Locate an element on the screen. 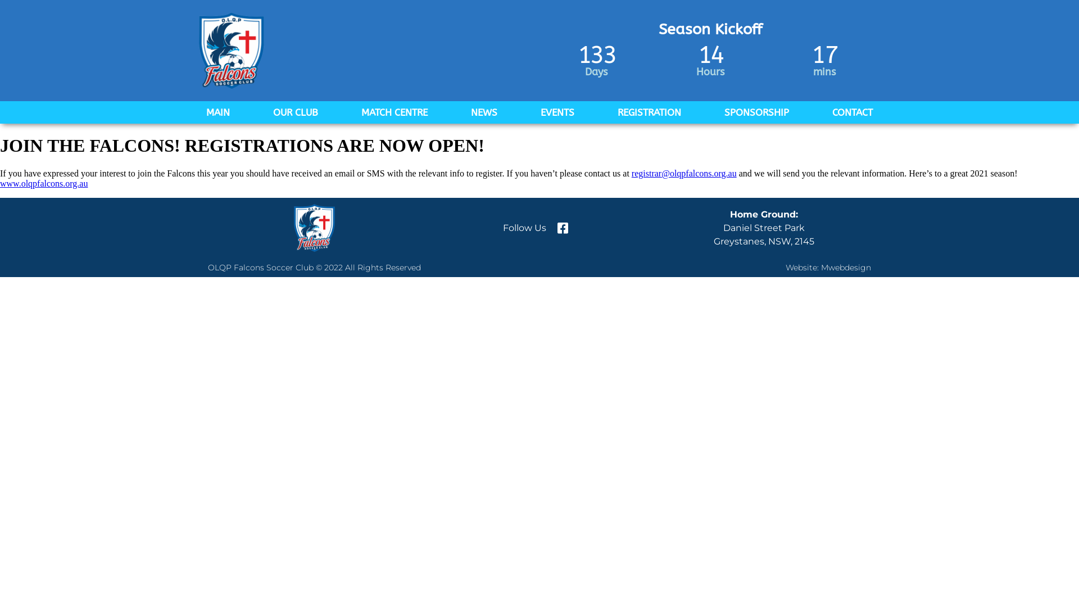 This screenshot has width=1079, height=607. 'REGISTRATION' is located at coordinates (649, 112).